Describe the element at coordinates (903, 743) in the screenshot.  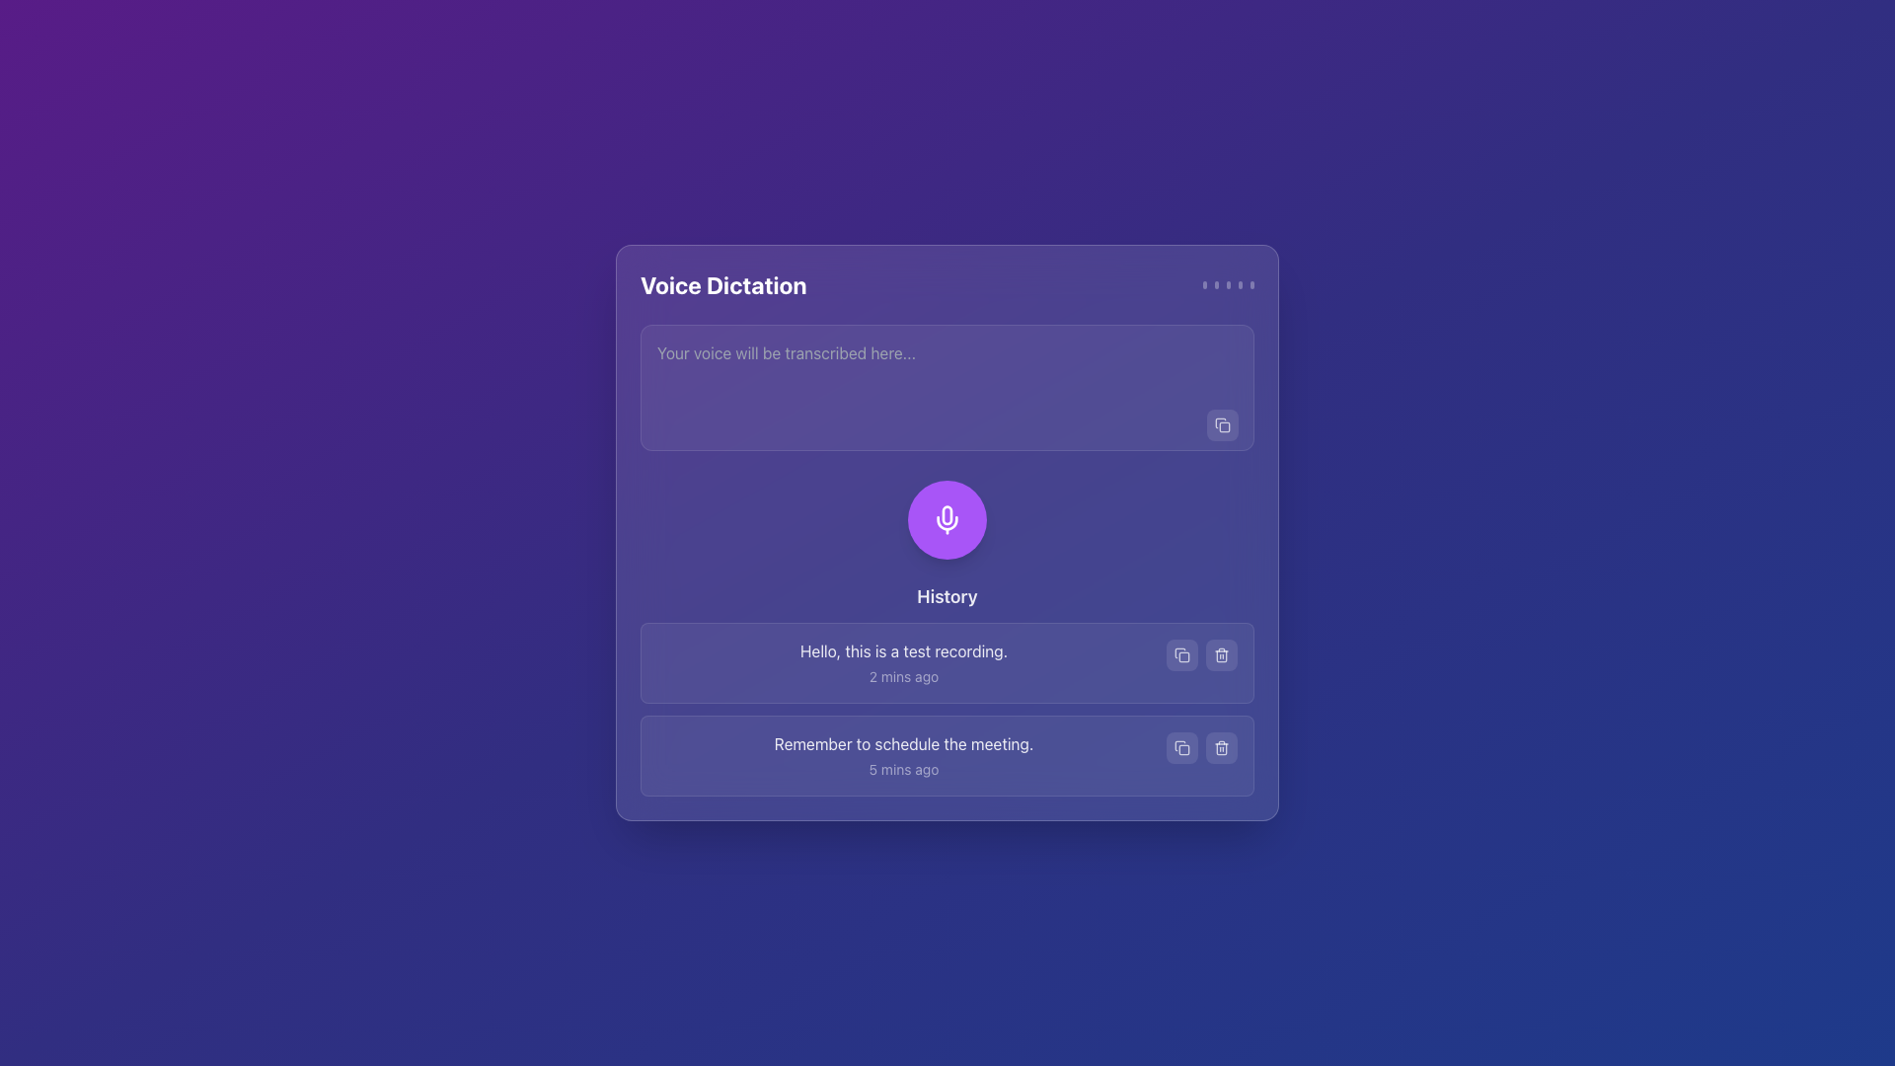
I see `the Static text label that says 'Remember to schedule the meeting.' which is positioned above the smaller timestamp text in the History section` at that location.